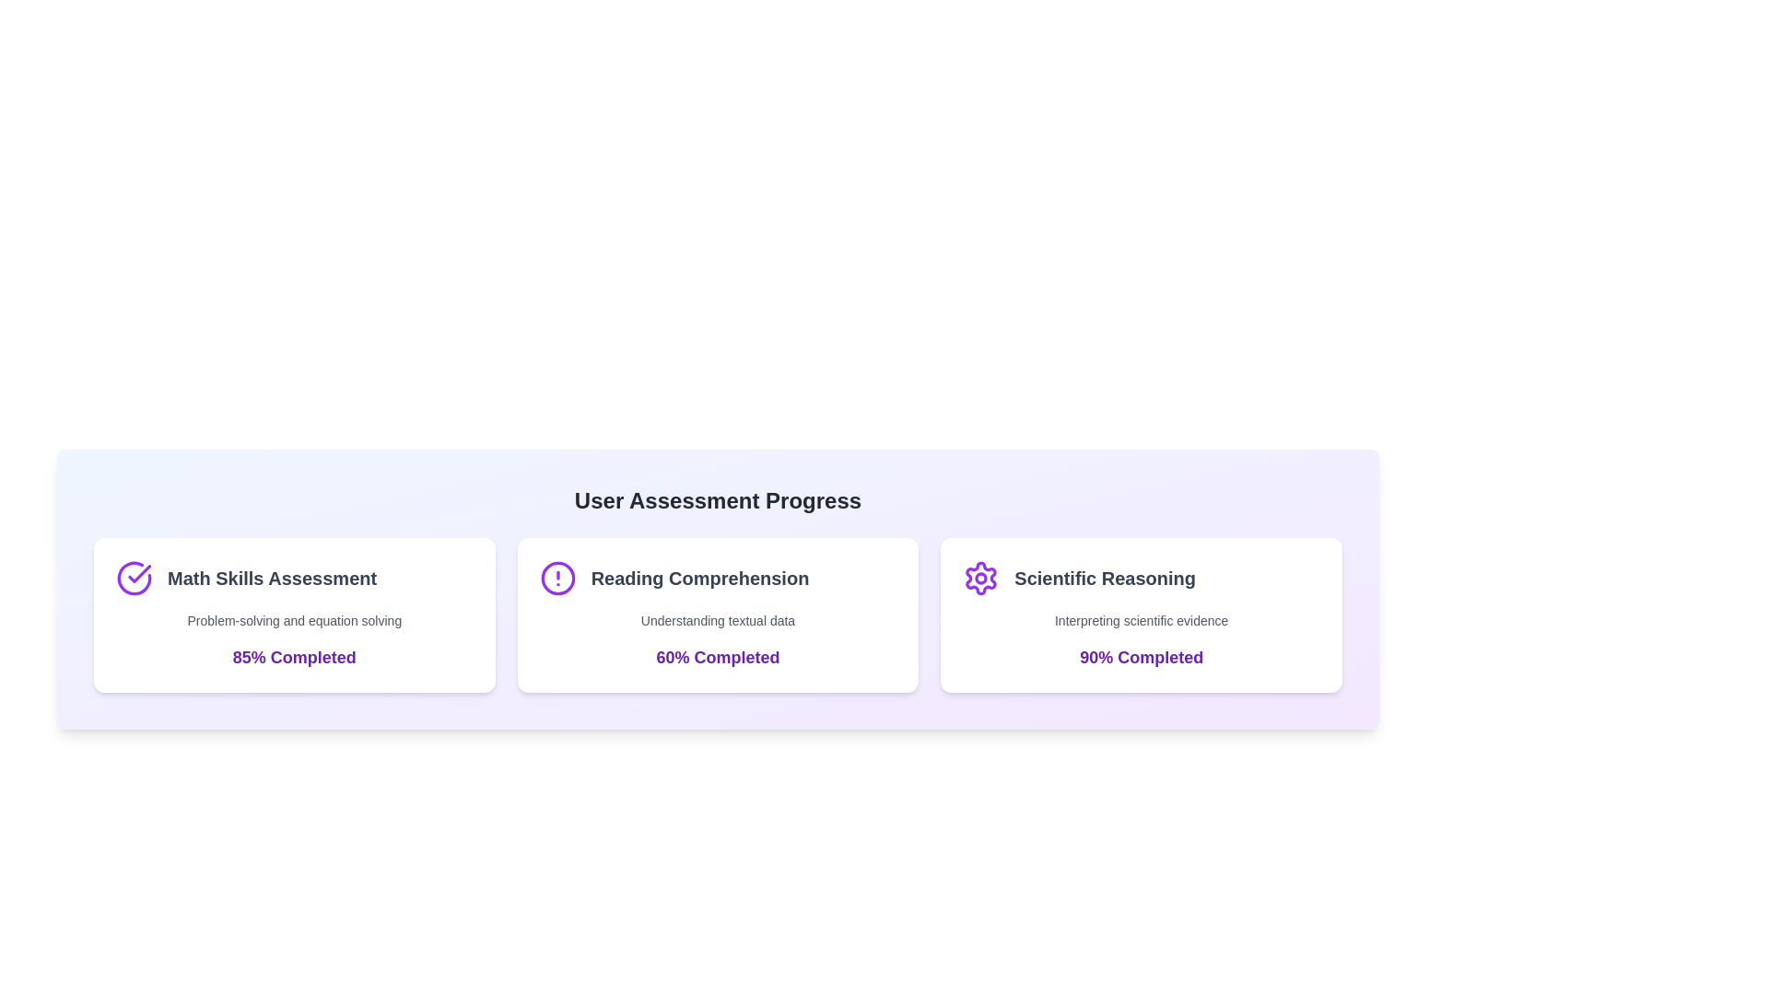 The height and width of the screenshot is (995, 1769). Describe the element at coordinates (556, 578) in the screenshot. I see `the circular icon with a purple outline located in the center of the second card titled 'Reading Comprehension'` at that location.